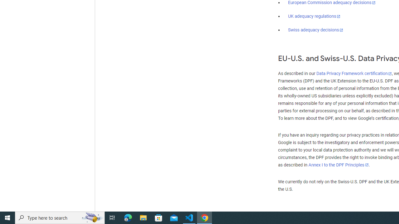 This screenshot has width=399, height=224. I want to click on 'Swiss adequacy decisions', so click(316, 30).